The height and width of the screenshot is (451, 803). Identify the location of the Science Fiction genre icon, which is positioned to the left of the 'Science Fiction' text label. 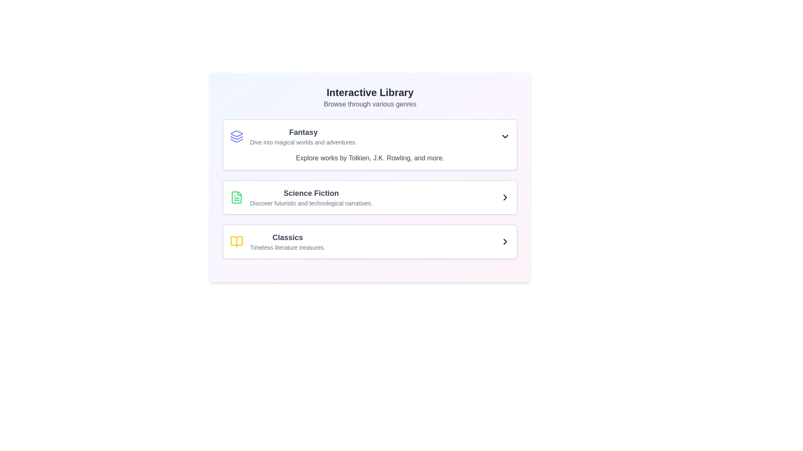
(236, 198).